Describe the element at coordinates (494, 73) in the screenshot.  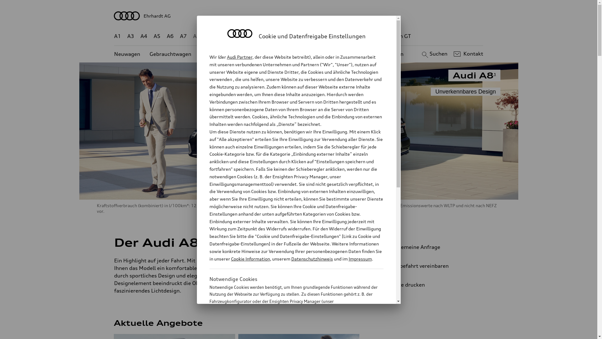
I see `'1'` at that location.